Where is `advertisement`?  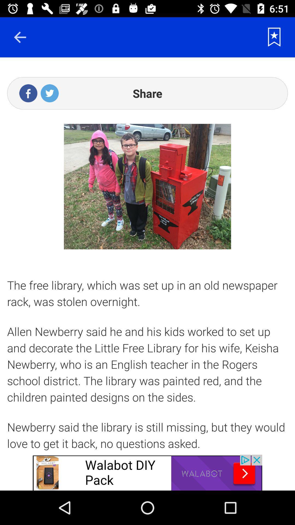 advertisement is located at coordinates (147, 472).